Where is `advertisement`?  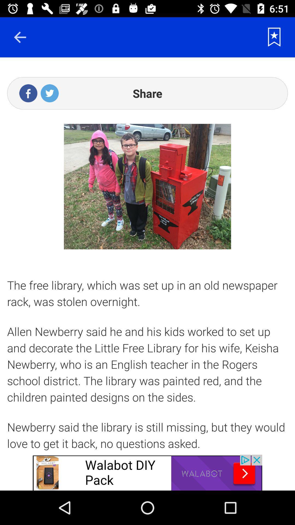 advertisement is located at coordinates (147, 472).